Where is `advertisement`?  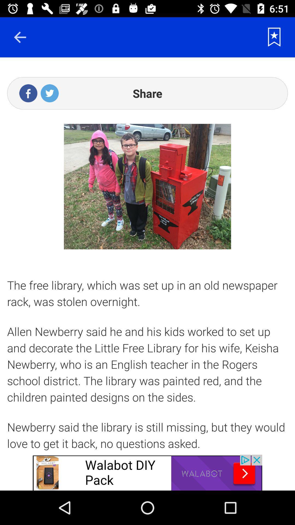 advertisement is located at coordinates (147, 472).